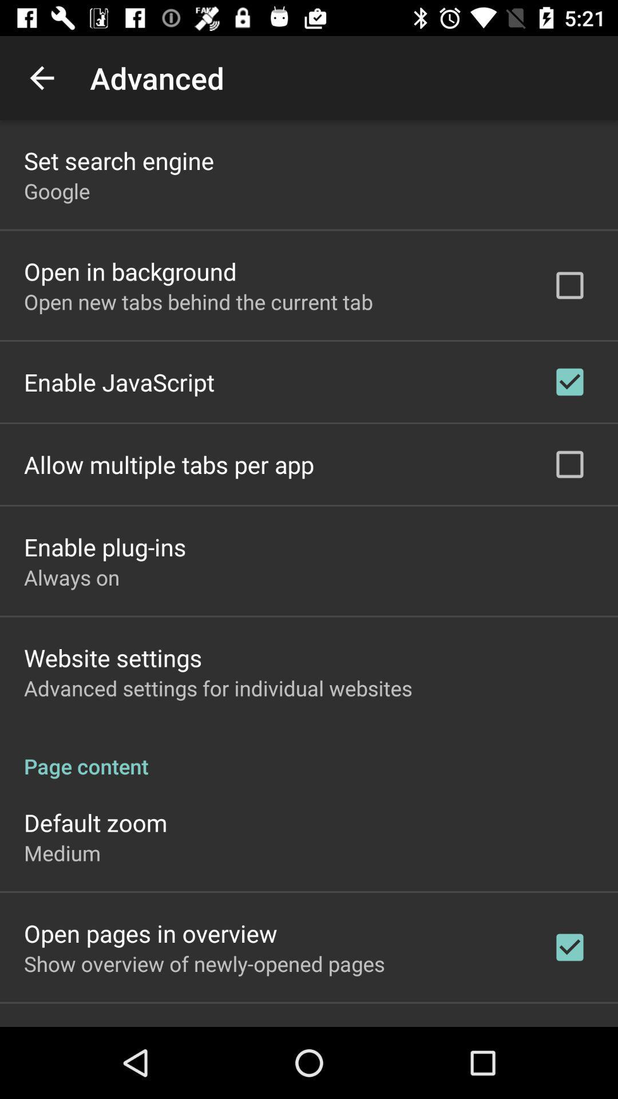  What do you see at coordinates (309, 754) in the screenshot?
I see `the page content item` at bounding box center [309, 754].